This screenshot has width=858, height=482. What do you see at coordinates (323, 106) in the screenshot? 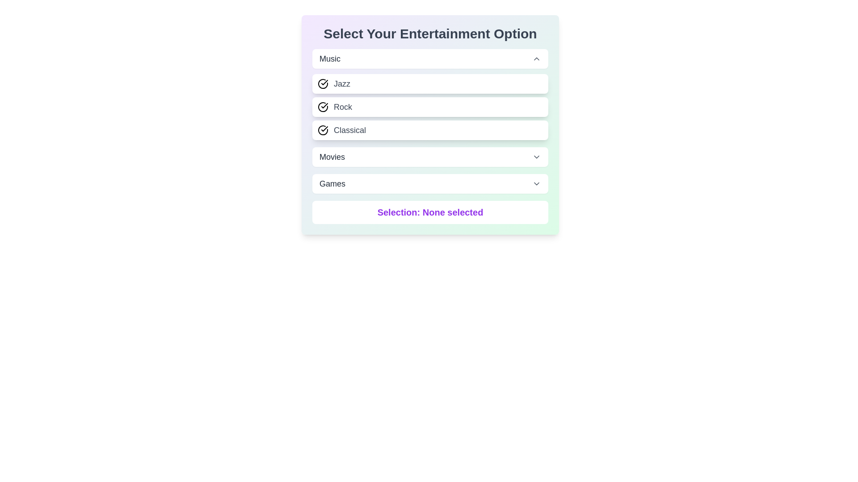
I see `the circular border of the checkbox graphic representing the 'Rock' option in the music genres list` at bounding box center [323, 106].